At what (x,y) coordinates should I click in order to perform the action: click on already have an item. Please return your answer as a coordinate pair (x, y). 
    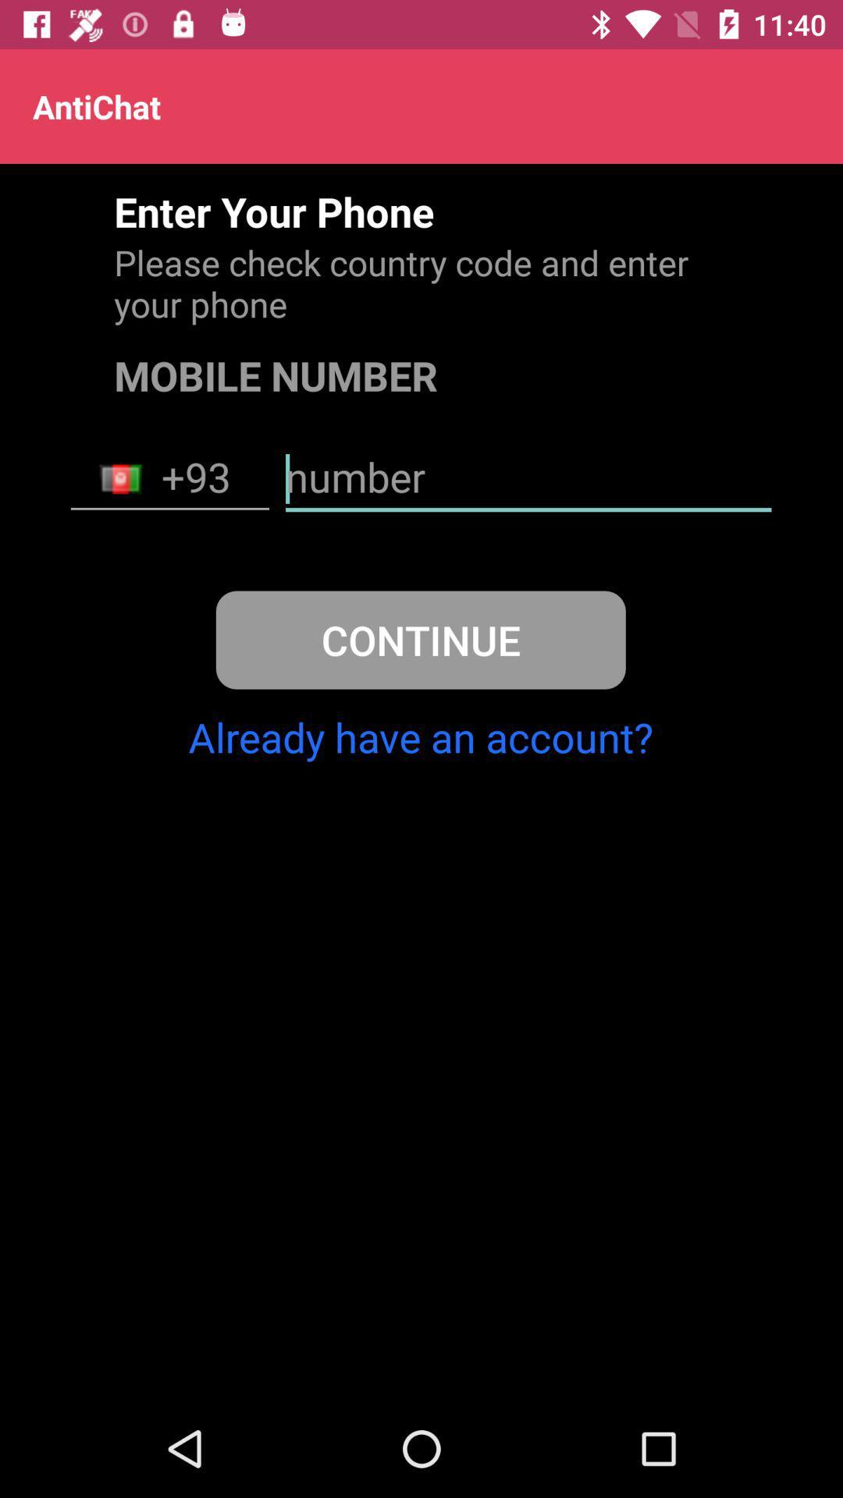
    Looking at the image, I should click on (420, 736).